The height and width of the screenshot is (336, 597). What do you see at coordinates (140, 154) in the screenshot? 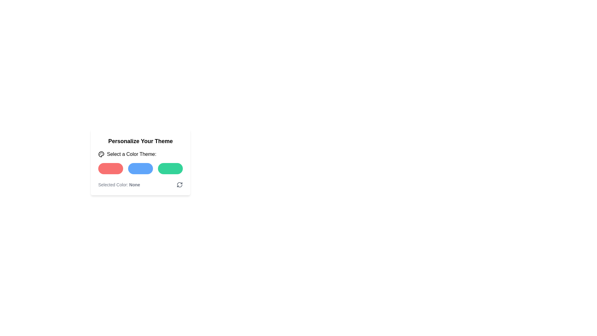
I see `the label that says 'Select a Color Theme:' which is positioned below the title 'Personalize Your Theme' and above a grid of color options` at bounding box center [140, 154].